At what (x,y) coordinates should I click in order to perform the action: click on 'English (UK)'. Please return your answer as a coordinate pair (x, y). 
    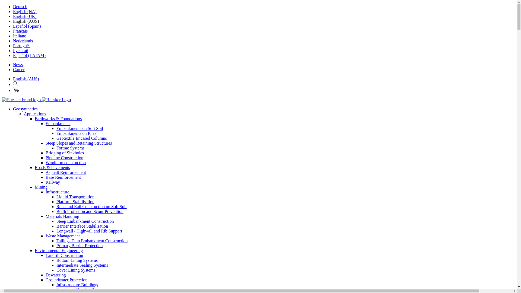
    Looking at the image, I should click on (24, 16).